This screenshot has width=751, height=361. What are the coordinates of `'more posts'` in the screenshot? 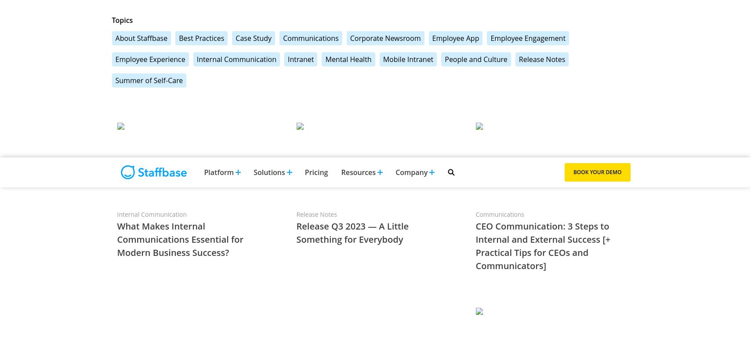 It's located at (598, 306).